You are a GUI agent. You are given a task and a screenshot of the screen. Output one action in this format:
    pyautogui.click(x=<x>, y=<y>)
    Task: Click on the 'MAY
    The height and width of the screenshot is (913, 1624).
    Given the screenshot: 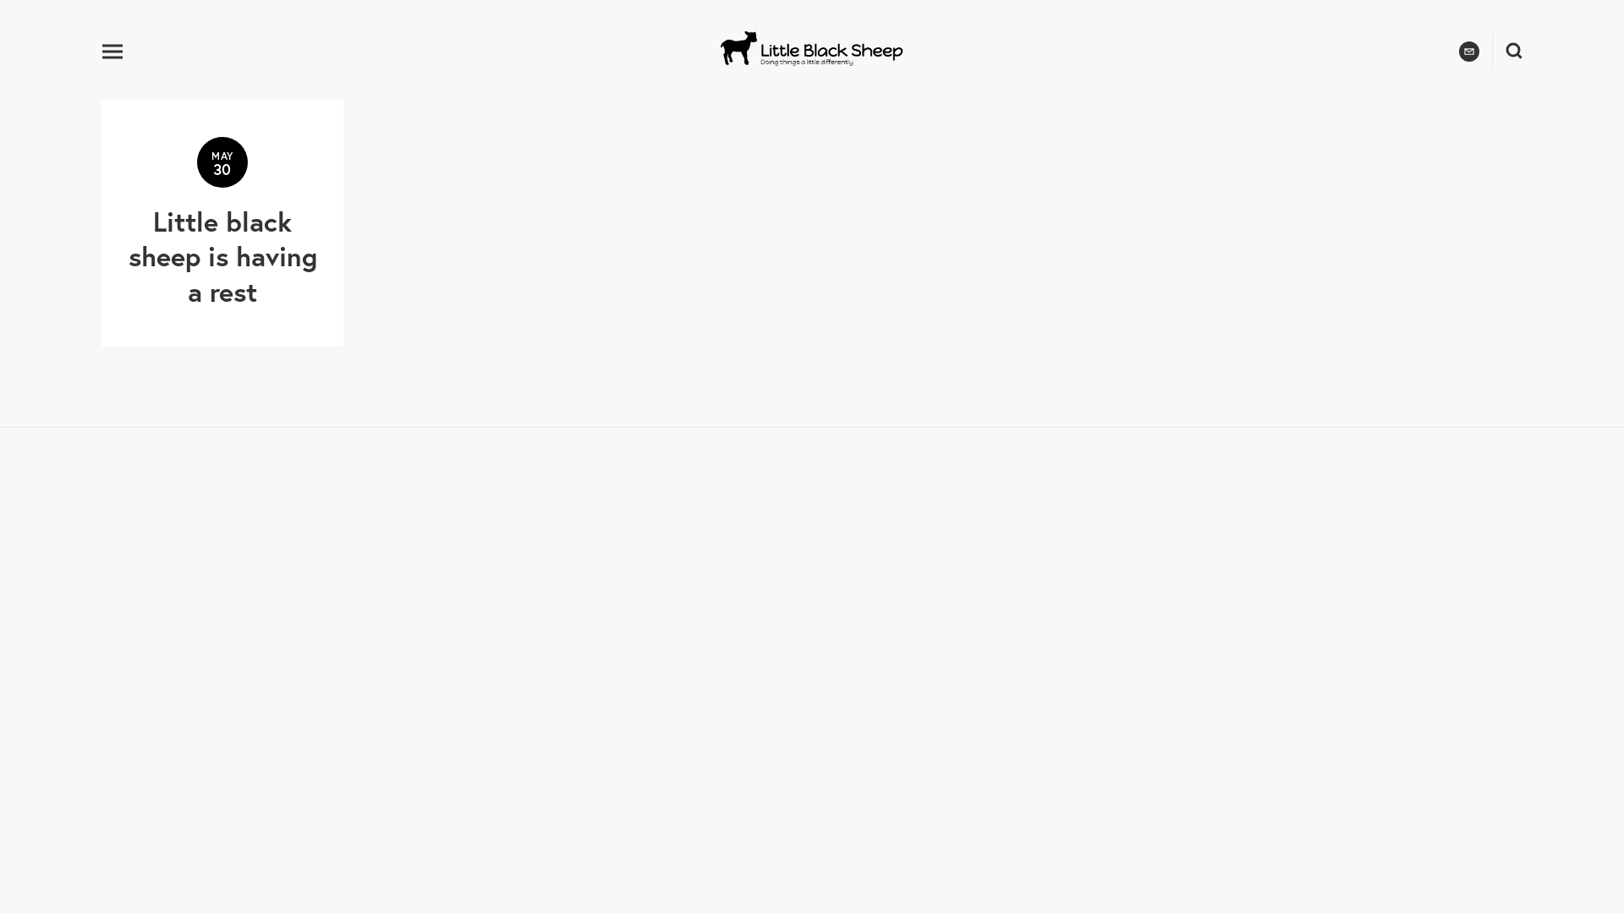 What is the action you would take?
    pyautogui.click(x=222, y=222)
    